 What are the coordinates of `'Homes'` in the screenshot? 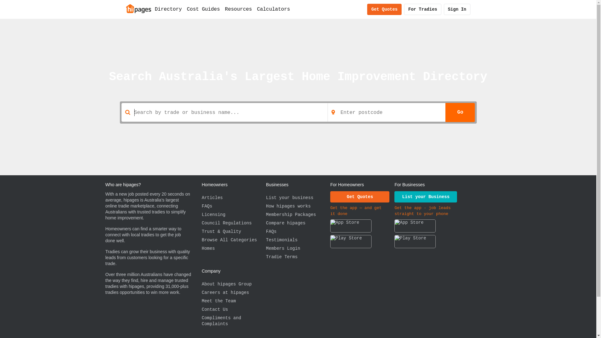 It's located at (201, 248).